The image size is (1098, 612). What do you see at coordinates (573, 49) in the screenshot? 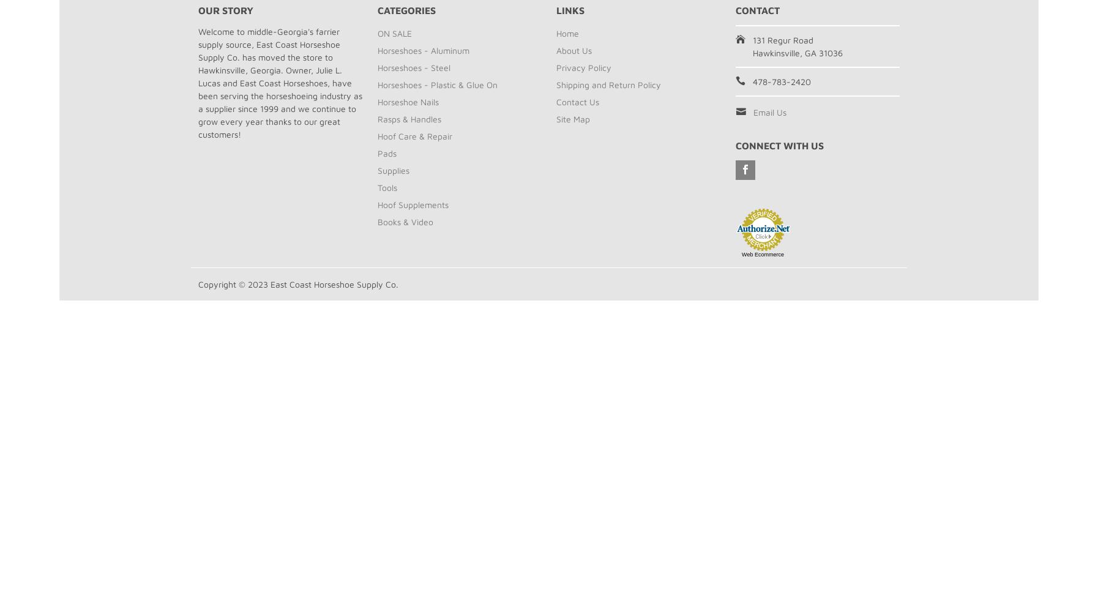
I see `'About Us'` at bounding box center [573, 49].